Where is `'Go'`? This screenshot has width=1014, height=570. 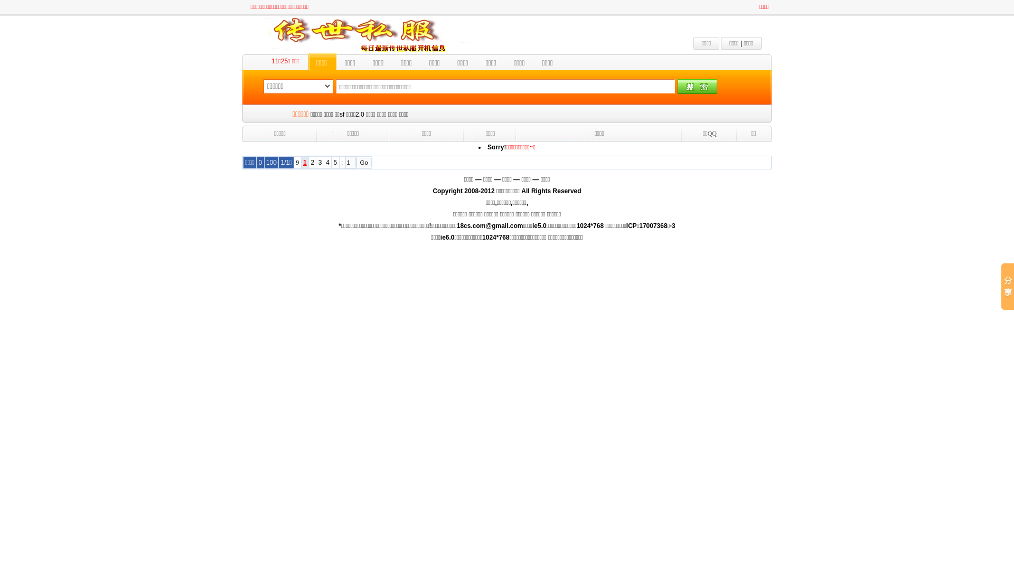
'Go' is located at coordinates (356, 163).